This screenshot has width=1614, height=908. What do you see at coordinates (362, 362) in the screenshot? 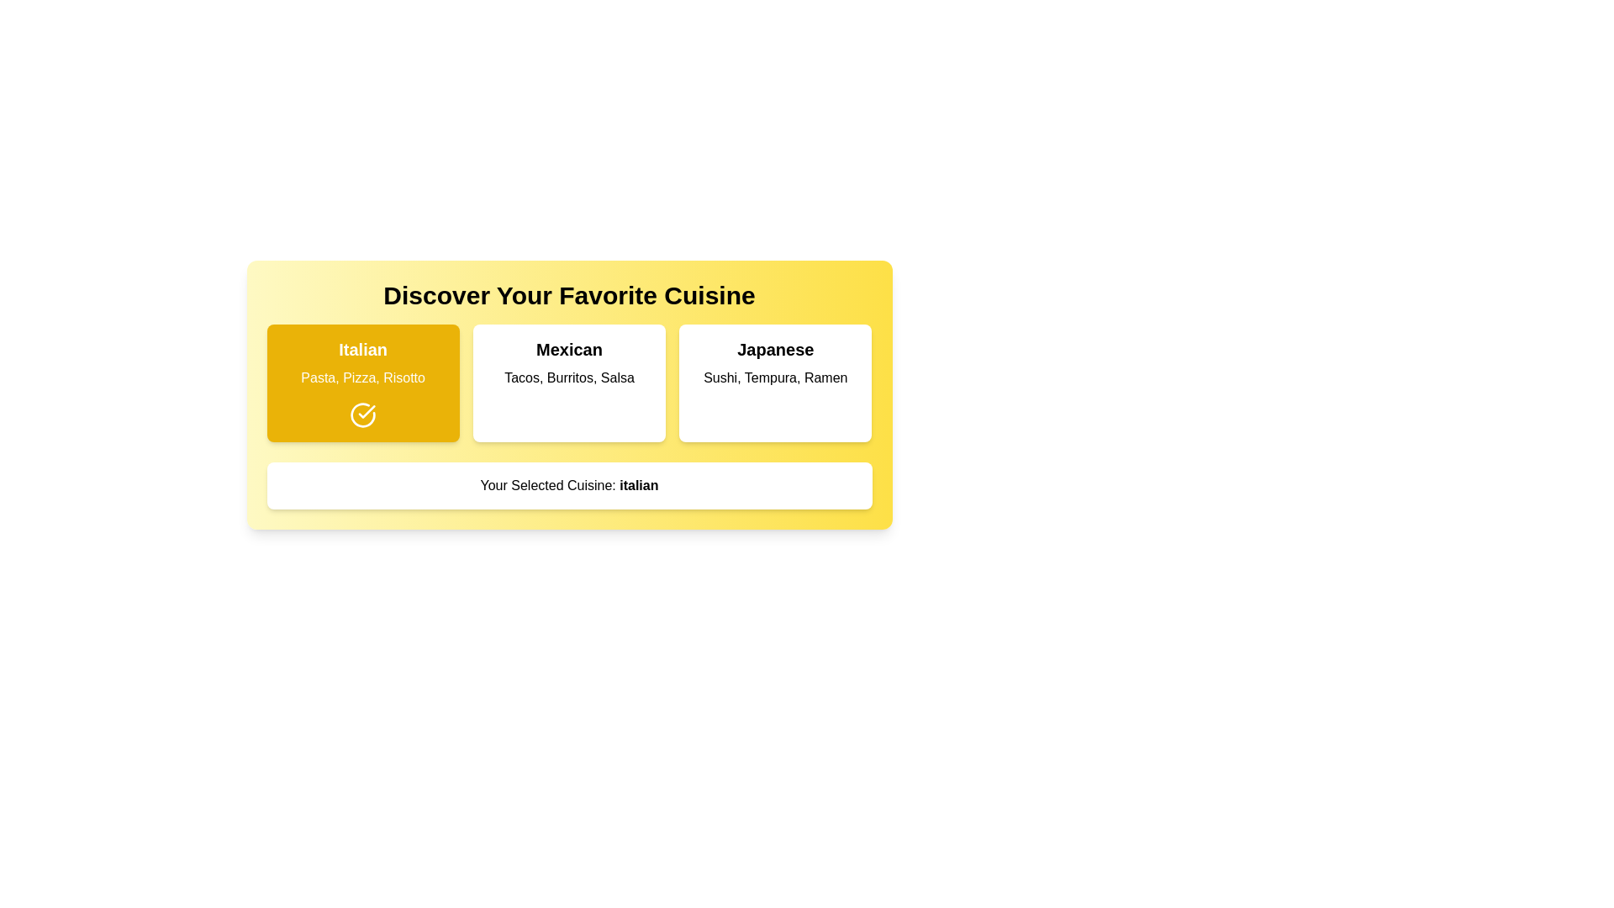
I see `contents of the Text Label displaying the cuisine type 'Italian' and associated dishes 'Pasta, Pizza, Risotto' at the top center of the yellow card` at bounding box center [362, 362].